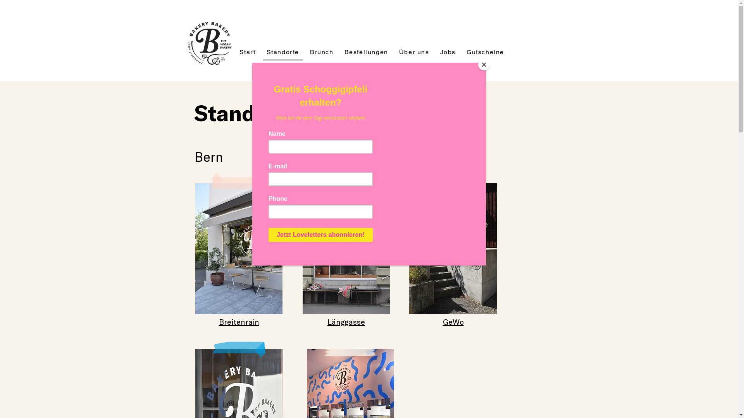 The width and height of the screenshot is (744, 418). I want to click on 'Brunch', so click(306, 52).